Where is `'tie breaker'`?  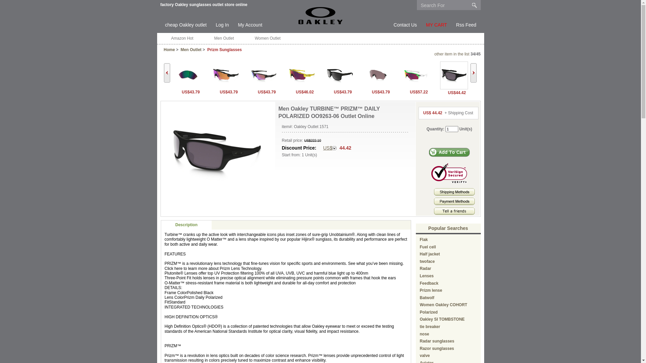
'tie breaker' is located at coordinates (430, 326).